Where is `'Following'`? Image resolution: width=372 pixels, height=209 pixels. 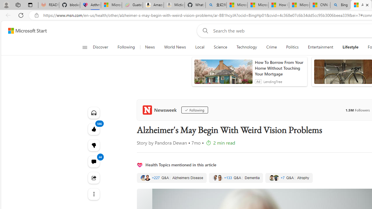 'Following' is located at coordinates (194, 110).